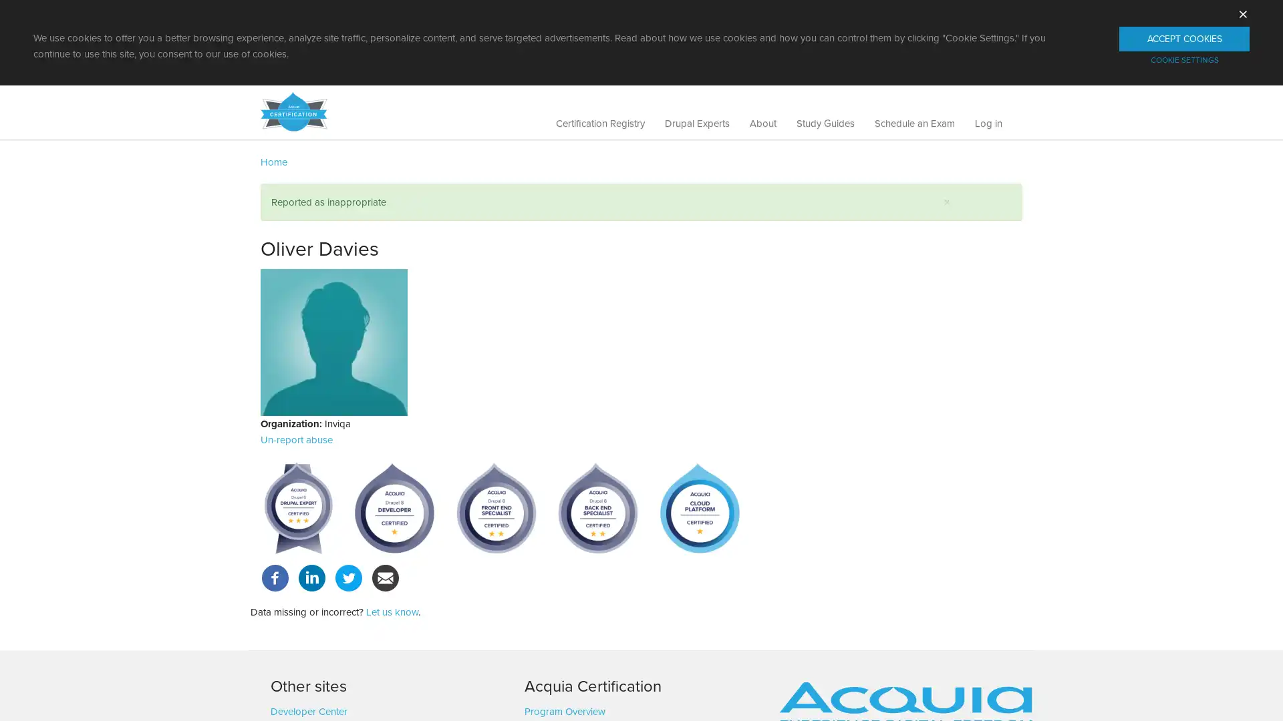 The image size is (1283, 721). Describe the element at coordinates (1242, 12) in the screenshot. I see `X` at that location.